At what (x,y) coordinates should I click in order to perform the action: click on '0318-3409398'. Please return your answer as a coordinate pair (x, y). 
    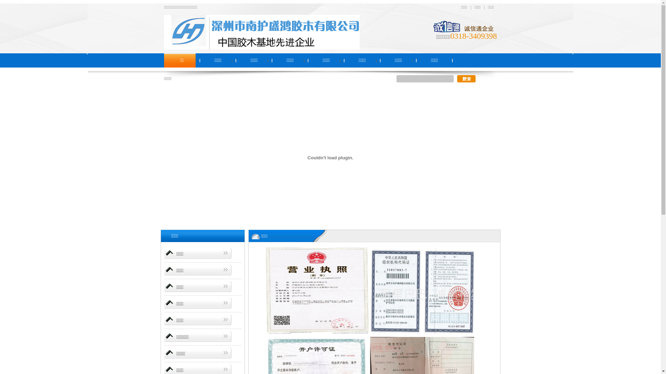
    Looking at the image, I should click on (473, 36).